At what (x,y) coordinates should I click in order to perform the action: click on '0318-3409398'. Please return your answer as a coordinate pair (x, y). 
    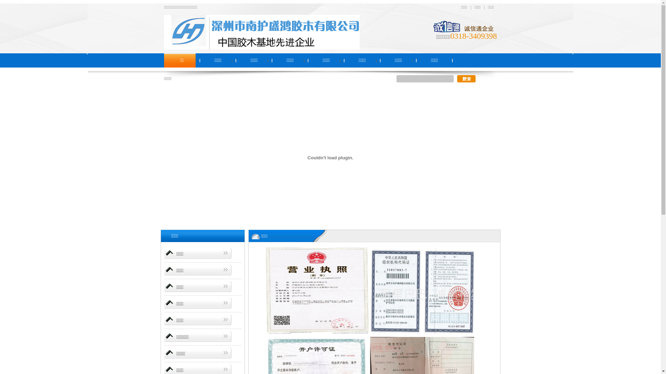
    Looking at the image, I should click on (473, 36).